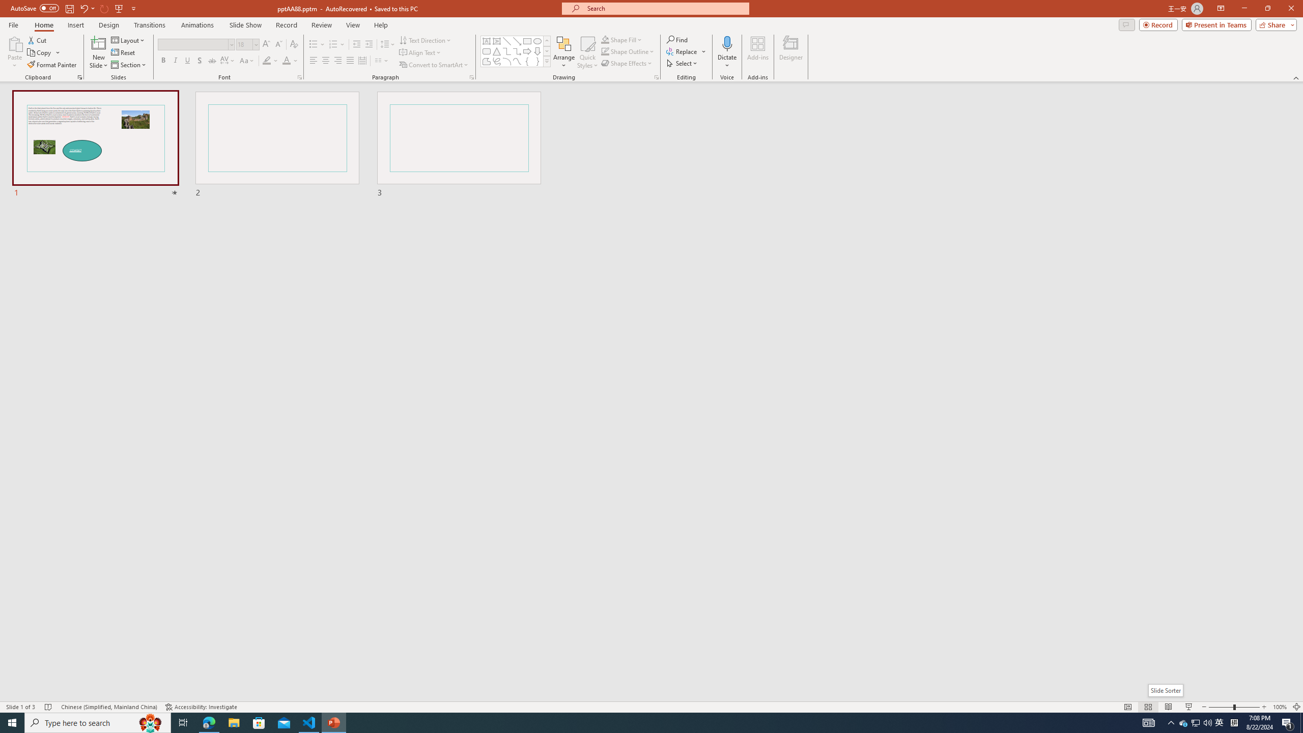  What do you see at coordinates (605, 50) in the screenshot?
I see `'Shape Outline Teal, Accent 1'` at bounding box center [605, 50].